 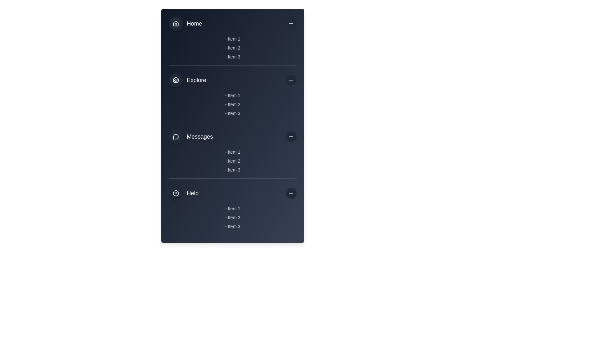 What do you see at coordinates (176, 136) in the screenshot?
I see `the decorative vector graphic component of the speech bubble icon located in the 'Messages' section of the navigation menu` at bounding box center [176, 136].